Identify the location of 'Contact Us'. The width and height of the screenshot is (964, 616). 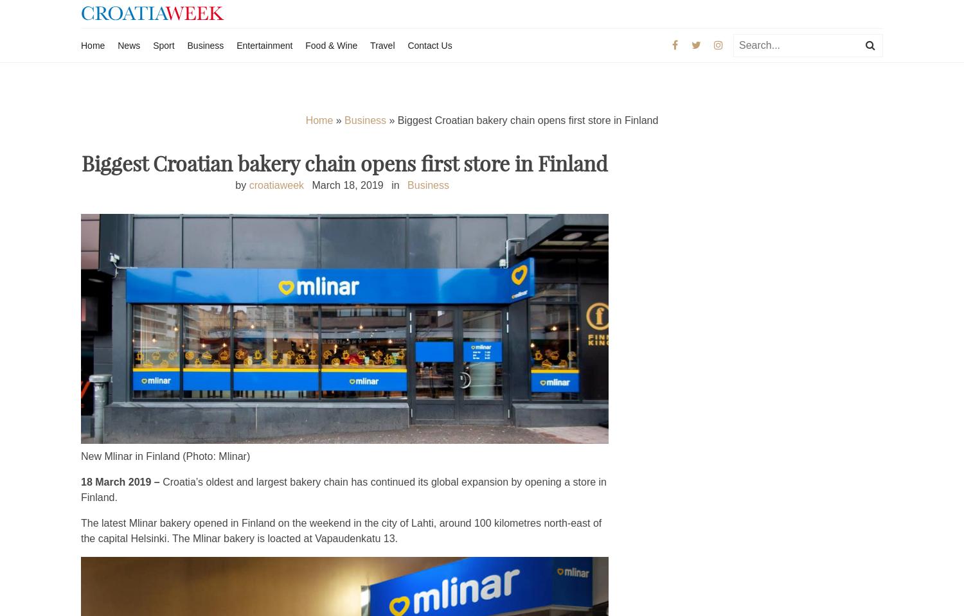
(407, 45).